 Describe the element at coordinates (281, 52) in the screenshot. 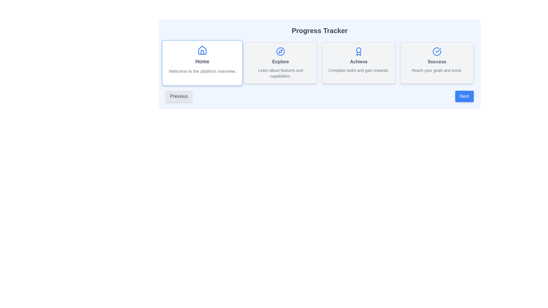

I see `compass needle icon within the 'Explore' card of the 'Progress Tracker' layout for development or debugging purposes` at that location.